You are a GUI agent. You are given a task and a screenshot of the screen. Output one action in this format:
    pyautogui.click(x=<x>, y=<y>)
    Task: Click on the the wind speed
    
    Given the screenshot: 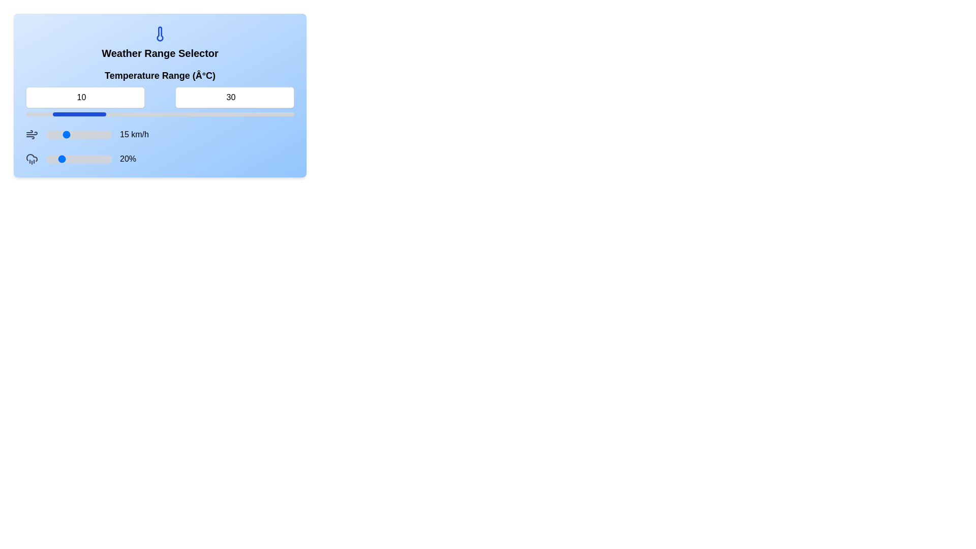 What is the action you would take?
    pyautogui.click(x=67, y=134)
    